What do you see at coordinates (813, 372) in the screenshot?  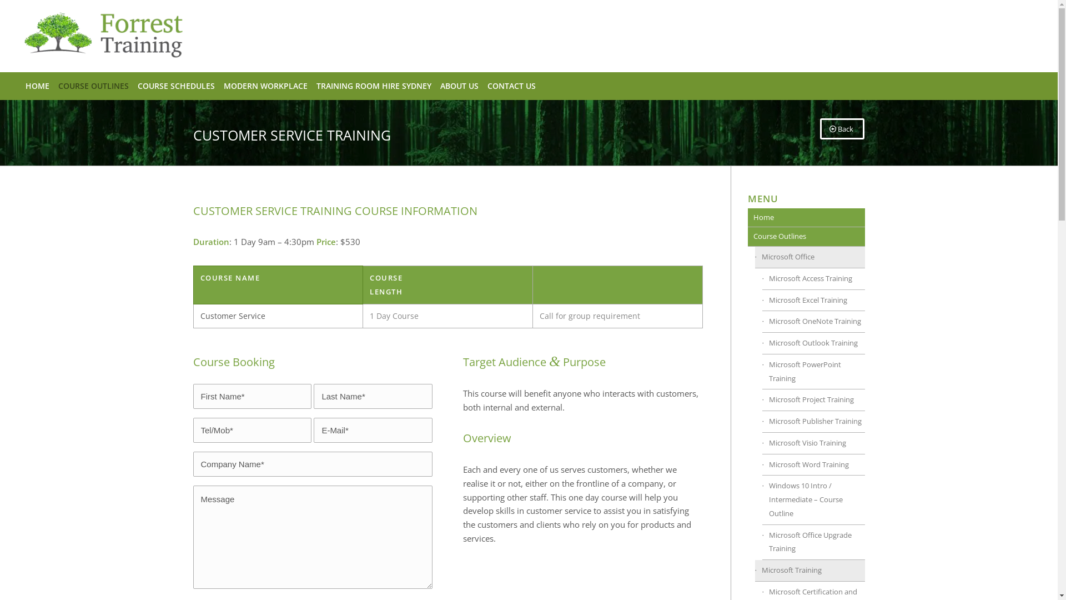 I see `'Microsoft PowerPoint Training'` at bounding box center [813, 372].